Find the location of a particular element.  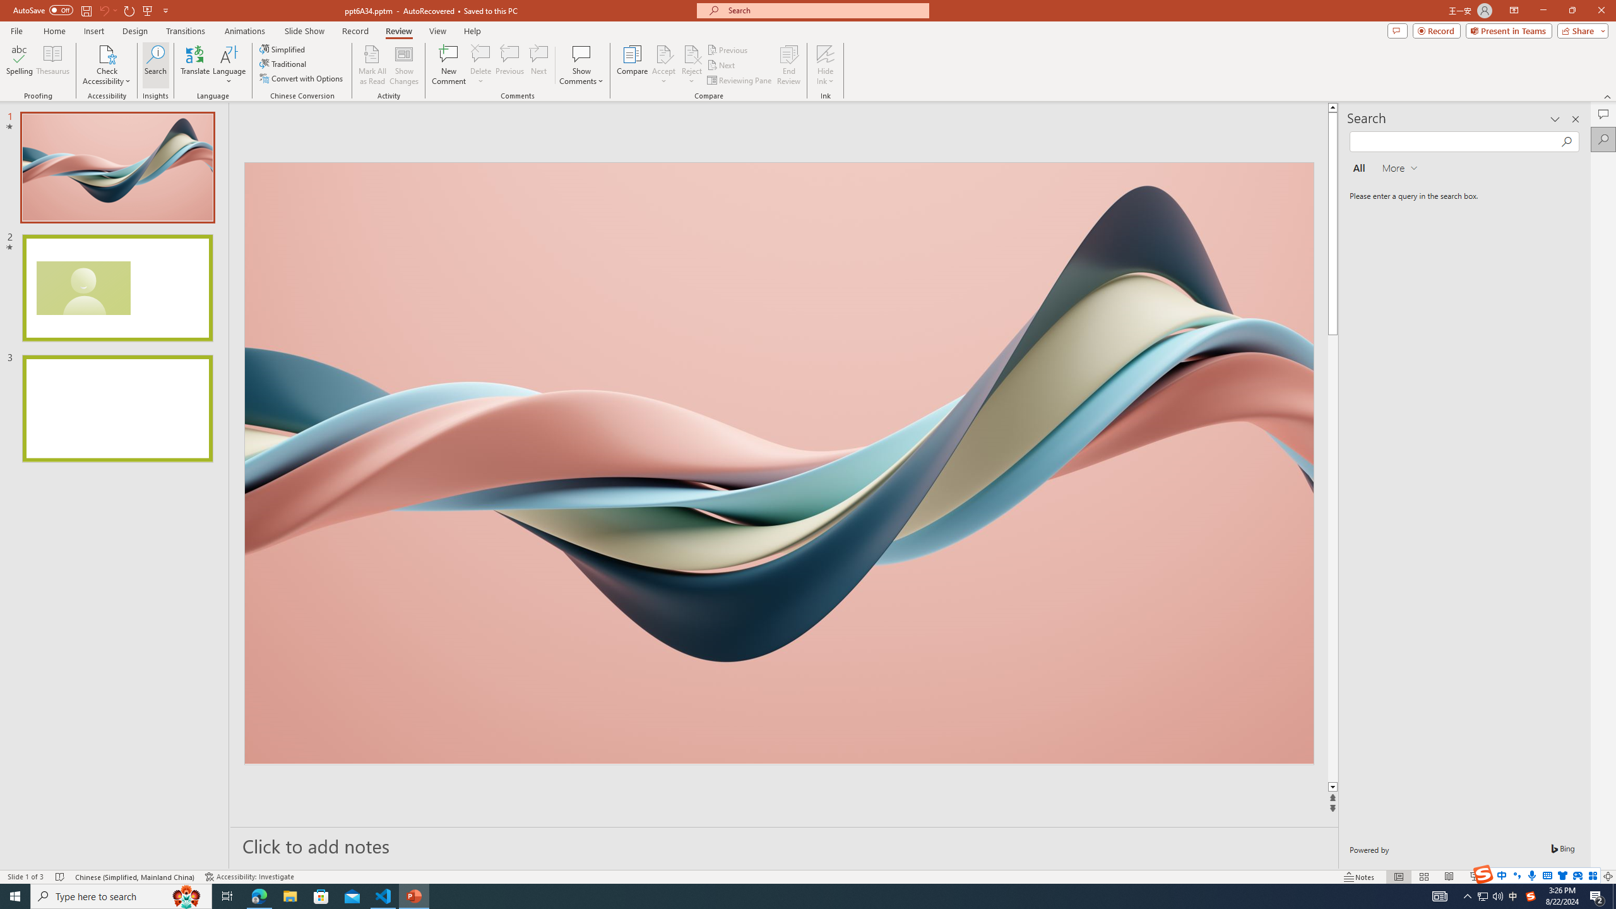

'Hide Ink' is located at coordinates (826, 53).